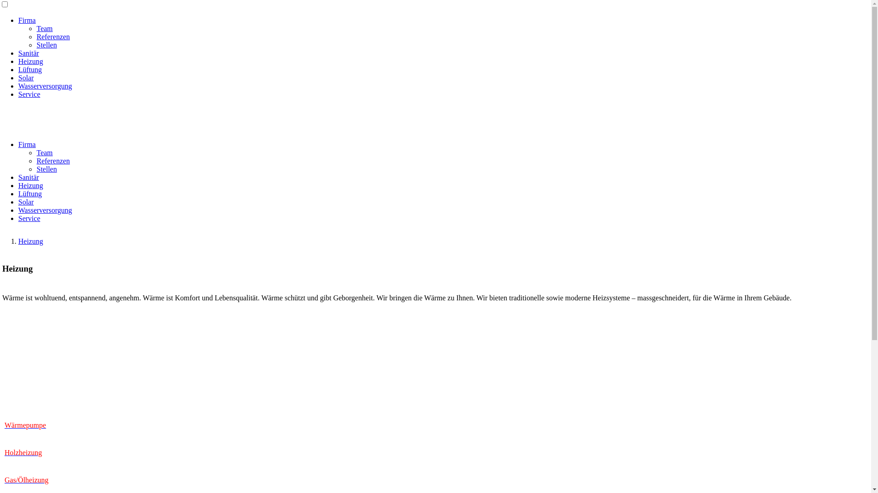  What do you see at coordinates (29, 218) in the screenshot?
I see `'Service'` at bounding box center [29, 218].